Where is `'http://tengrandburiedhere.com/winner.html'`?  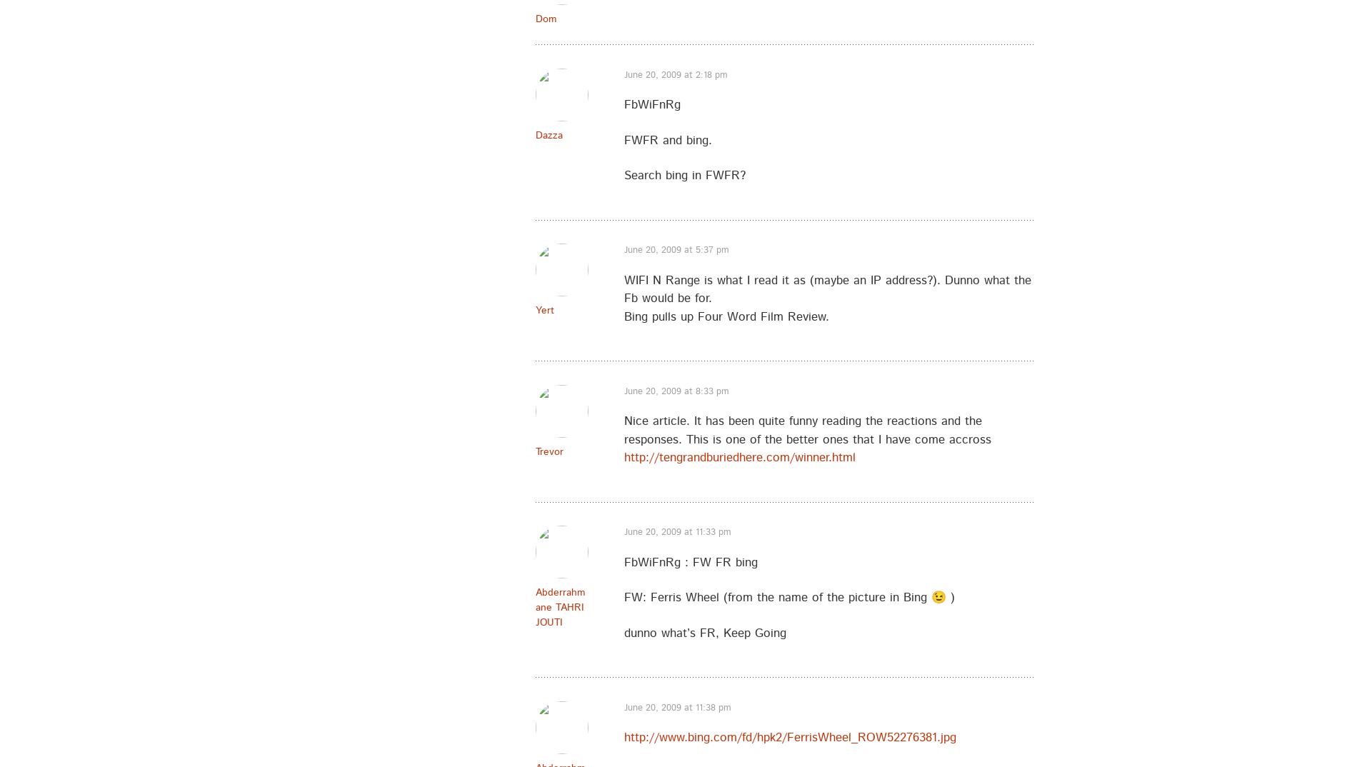
'http://tengrandburiedhere.com/winner.html' is located at coordinates (740, 457).